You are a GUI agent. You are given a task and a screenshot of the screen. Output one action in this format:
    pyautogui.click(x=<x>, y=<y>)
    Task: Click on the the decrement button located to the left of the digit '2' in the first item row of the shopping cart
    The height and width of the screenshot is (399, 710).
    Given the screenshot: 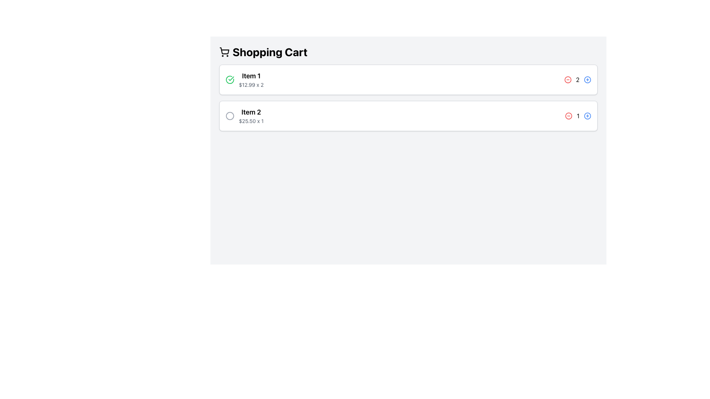 What is the action you would take?
    pyautogui.click(x=567, y=80)
    